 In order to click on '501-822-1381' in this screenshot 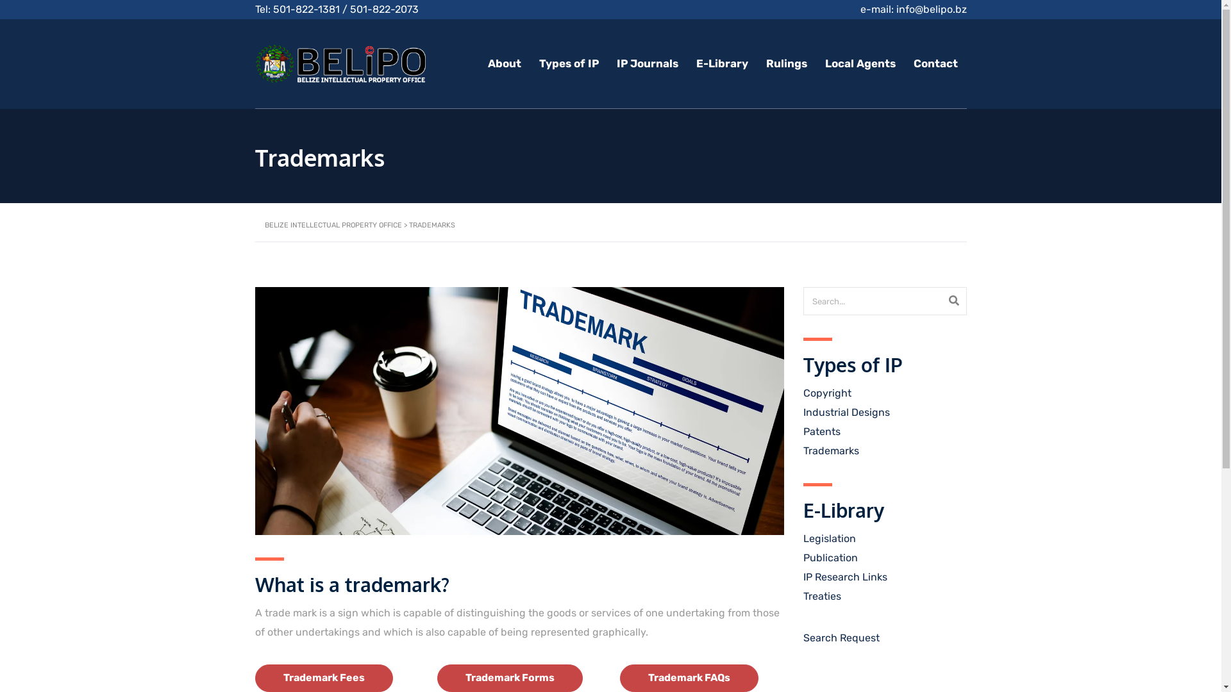, I will do `click(272, 9)`.